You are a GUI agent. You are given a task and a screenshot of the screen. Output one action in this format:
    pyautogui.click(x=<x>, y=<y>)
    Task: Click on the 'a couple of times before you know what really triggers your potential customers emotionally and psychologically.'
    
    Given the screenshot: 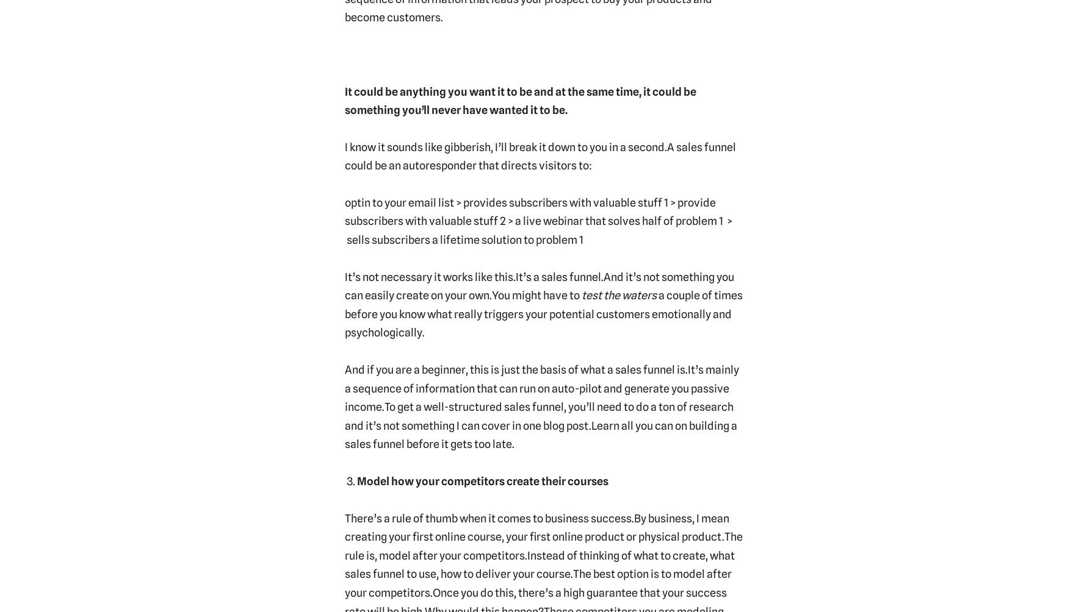 What is the action you would take?
    pyautogui.click(x=542, y=313)
    